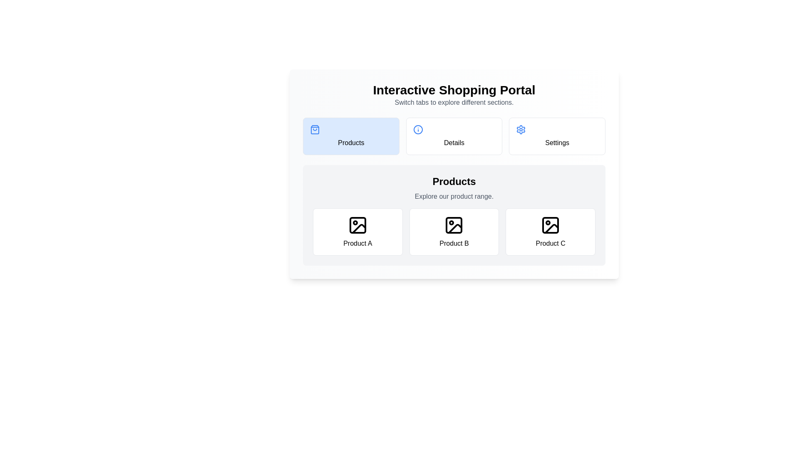  I want to click on the interactive element Product B, so click(454, 232).